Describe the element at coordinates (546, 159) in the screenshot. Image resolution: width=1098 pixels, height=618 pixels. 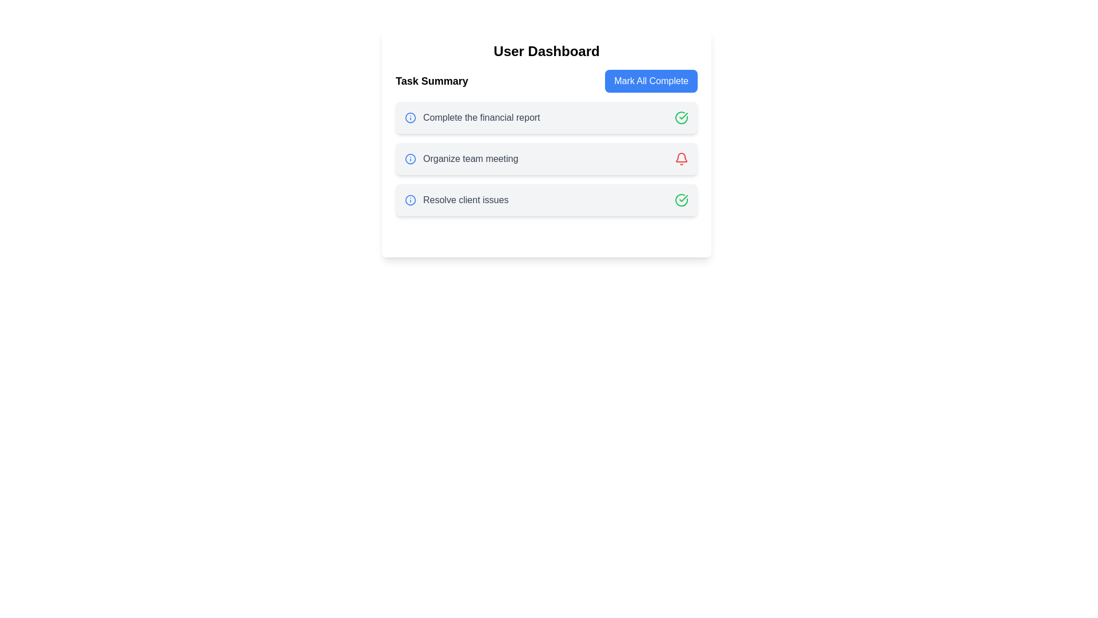
I see `the 'Organize team meeting' task card within the Task Summary section` at that location.